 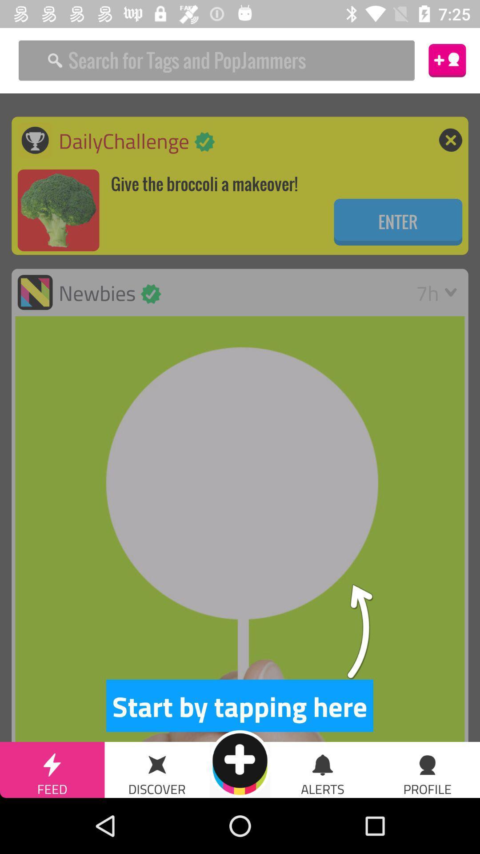 I want to click on the add icon, so click(x=240, y=763).